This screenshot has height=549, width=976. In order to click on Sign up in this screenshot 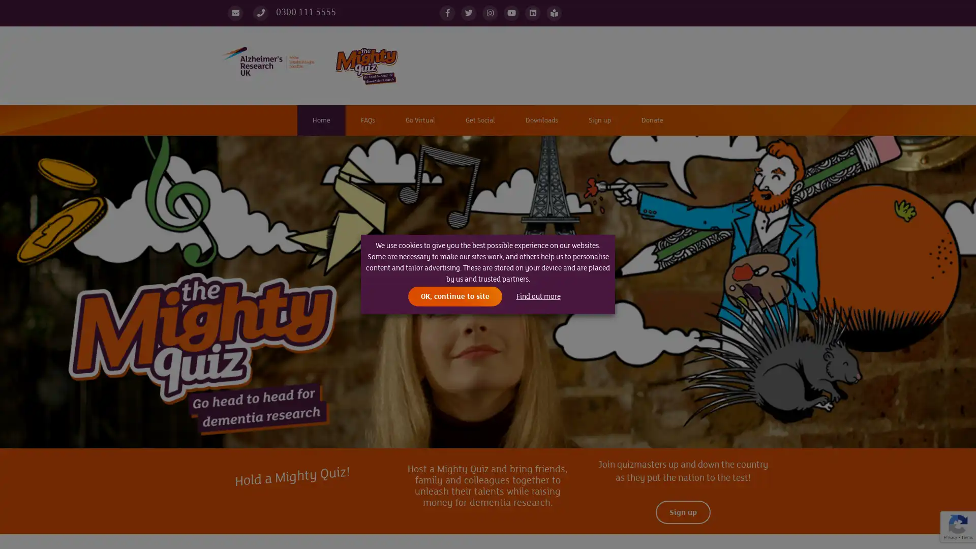, I will do `click(683, 515)`.